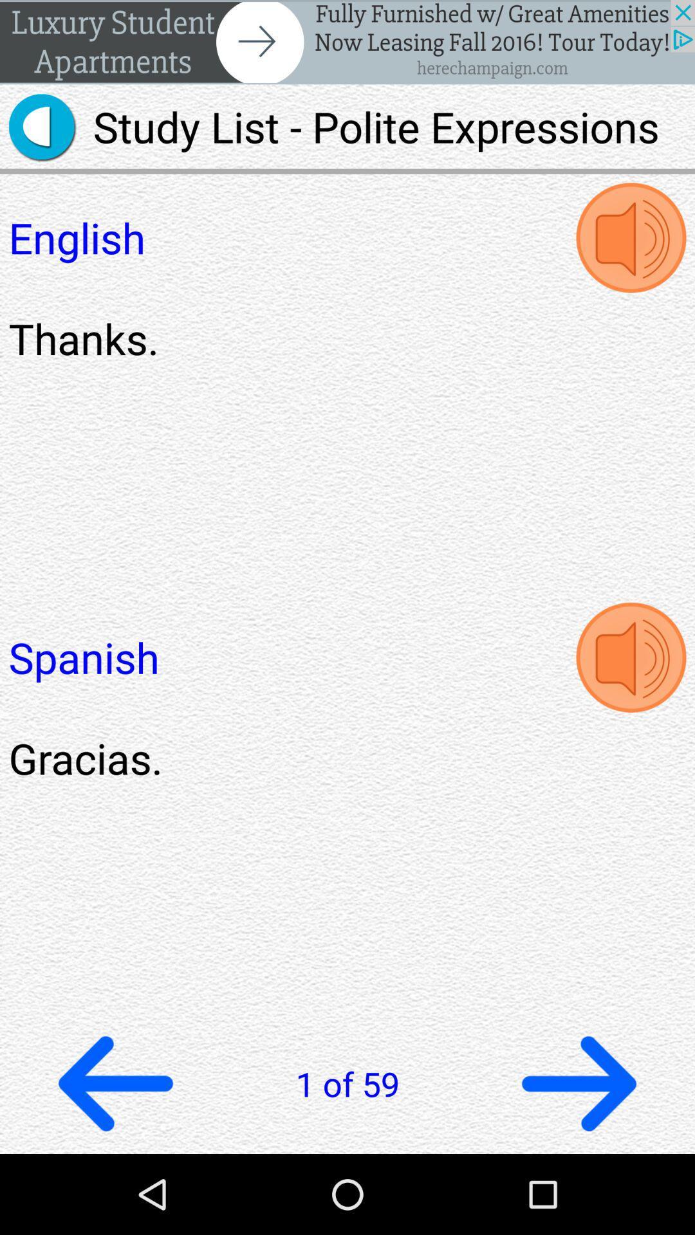 The width and height of the screenshot is (695, 1235). Describe the element at coordinates (630, 237) in the screenshot. I see `listen to word` at that location.